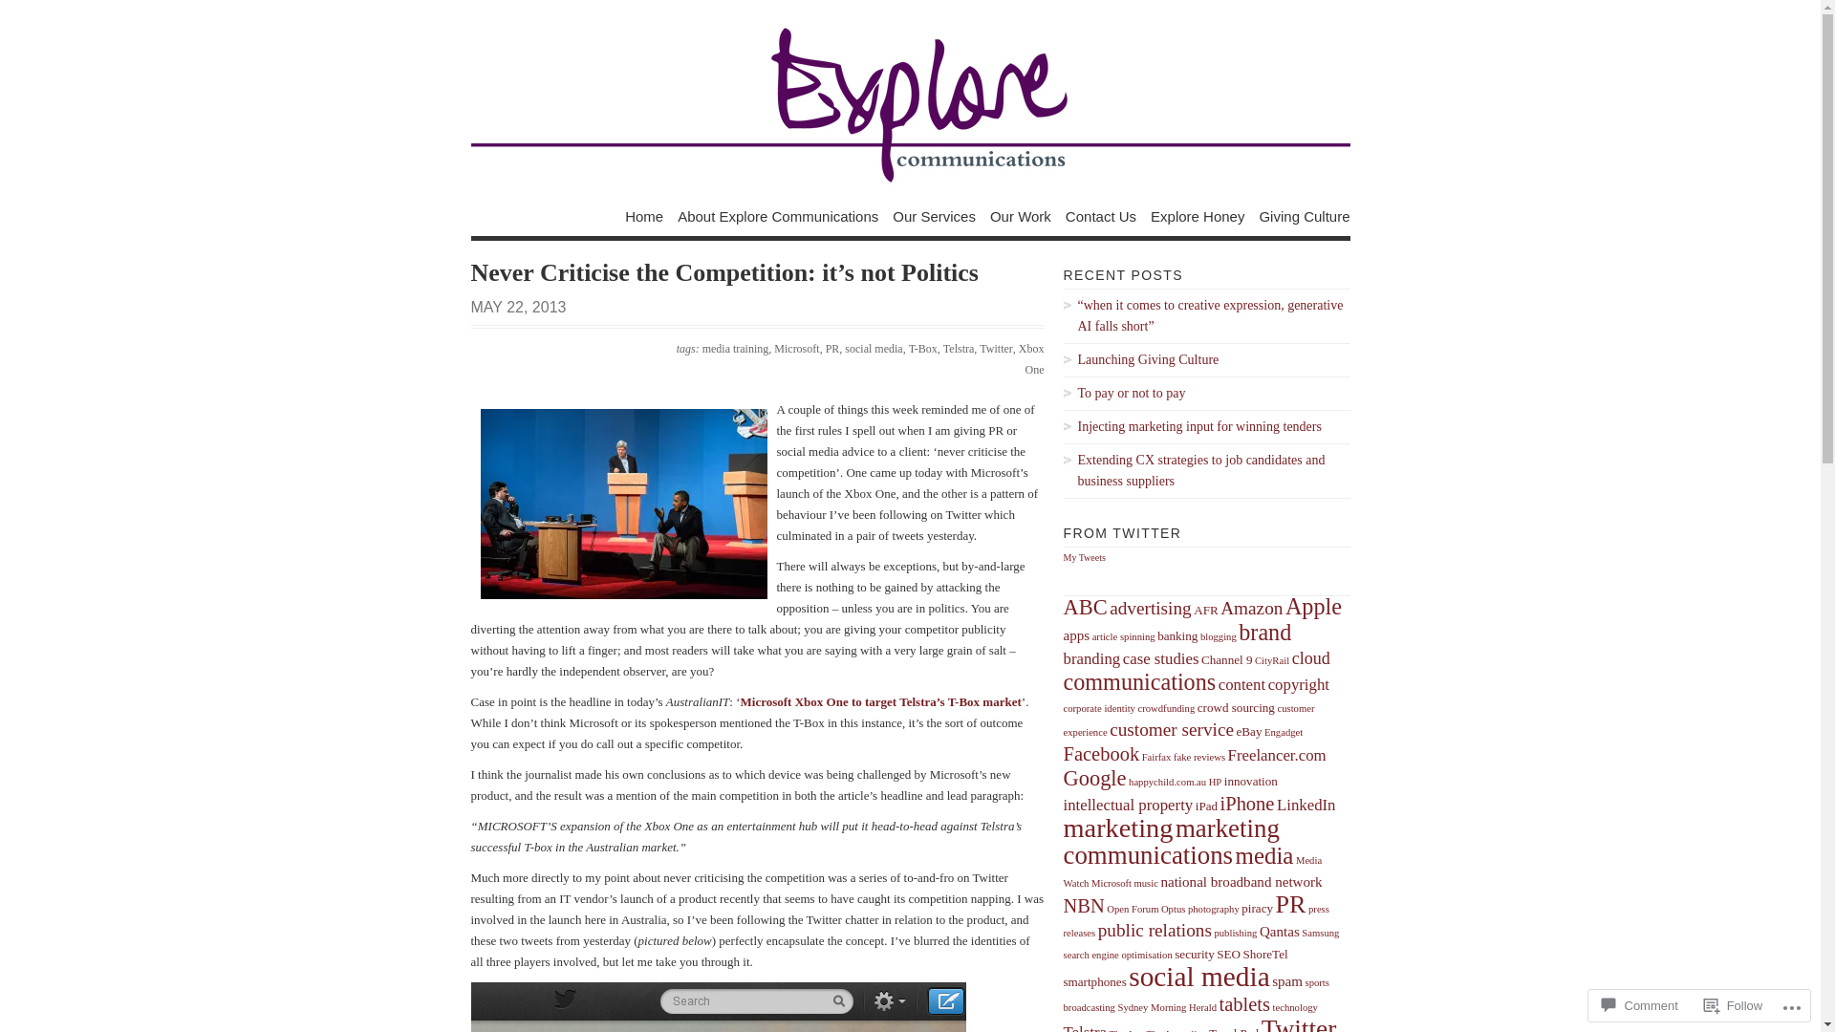 The height and width of the screenshot is (1032, 1835). I want to click on 'ABC', so click(1062, 607).